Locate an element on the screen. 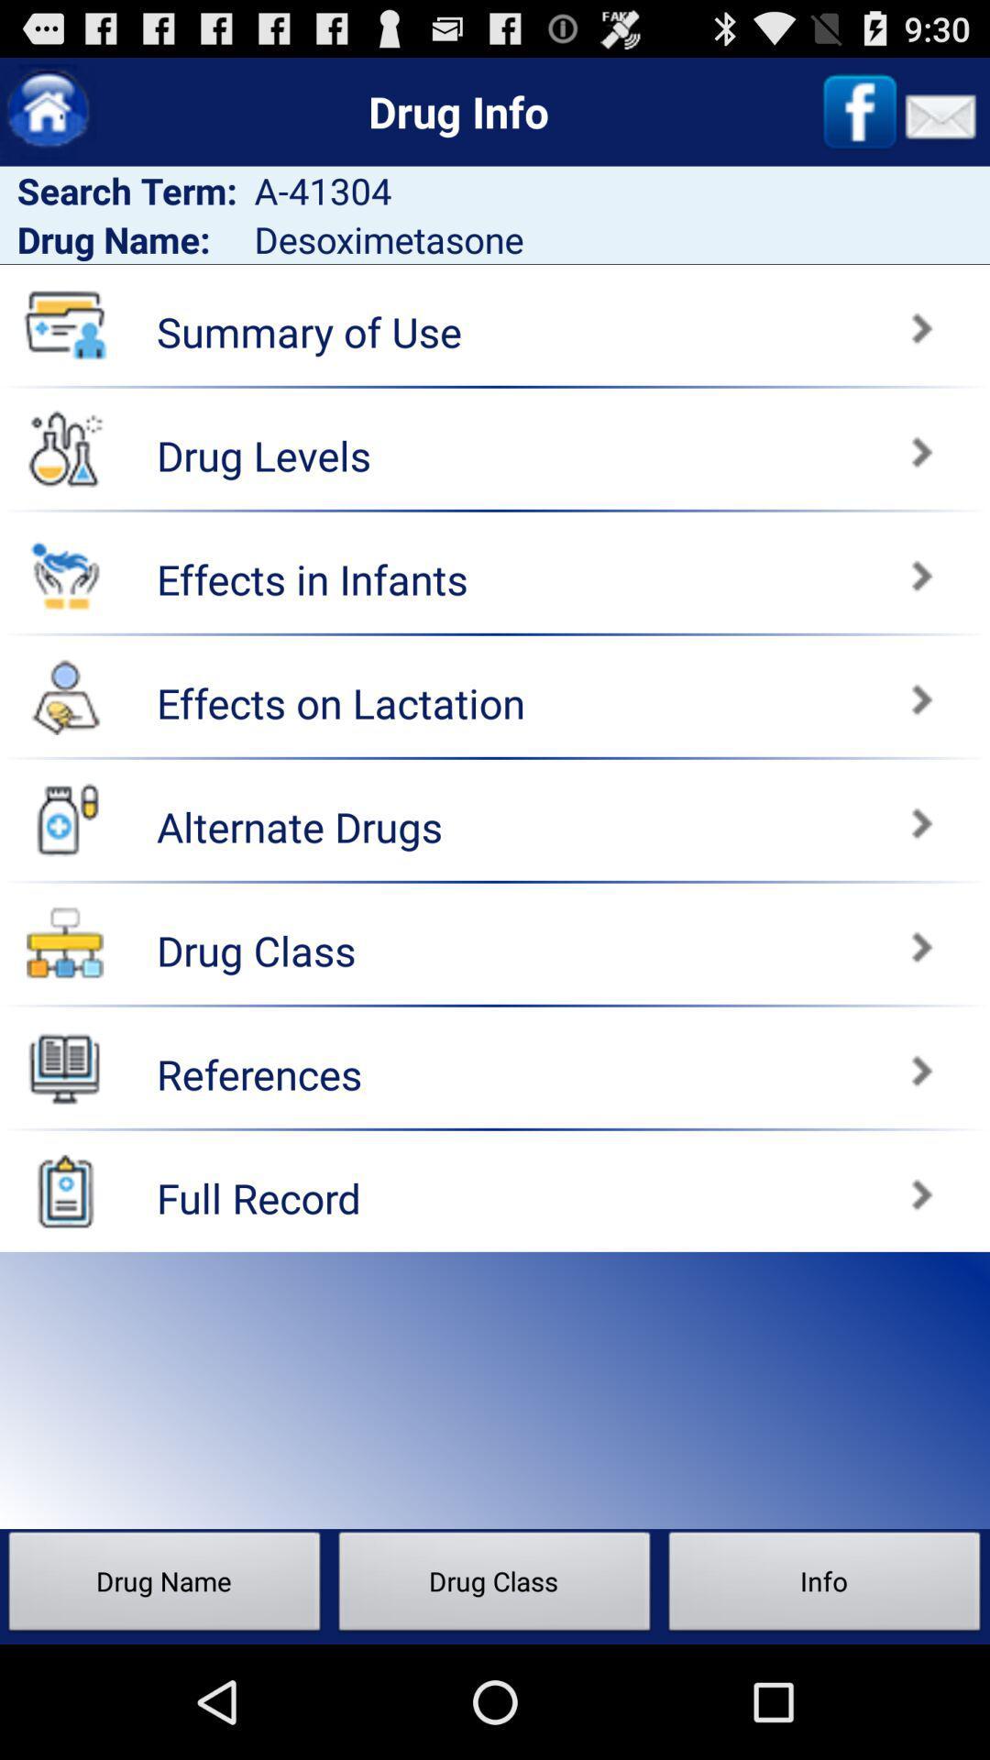  access main page is located at coordinates (47, 111).